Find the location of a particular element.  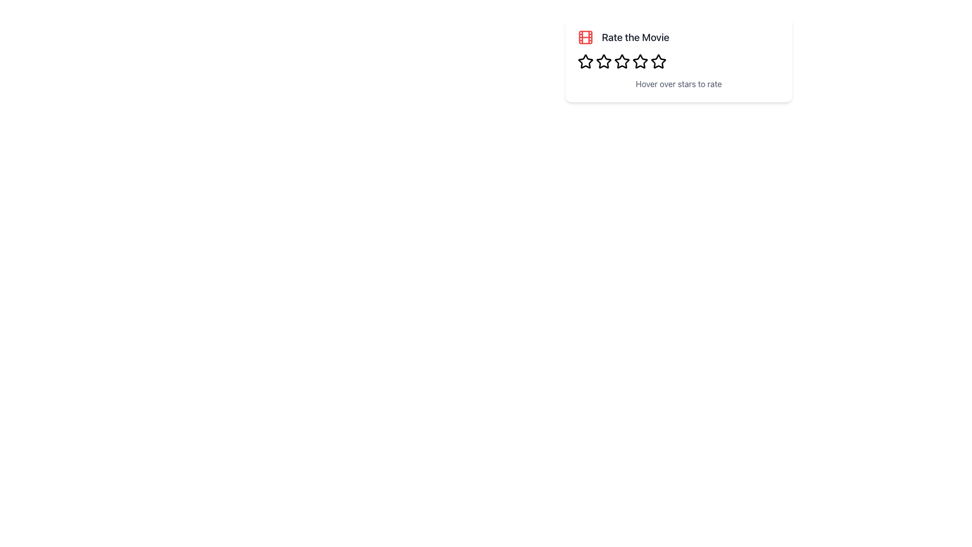

the second star icon is located at coordinates (621, 61).